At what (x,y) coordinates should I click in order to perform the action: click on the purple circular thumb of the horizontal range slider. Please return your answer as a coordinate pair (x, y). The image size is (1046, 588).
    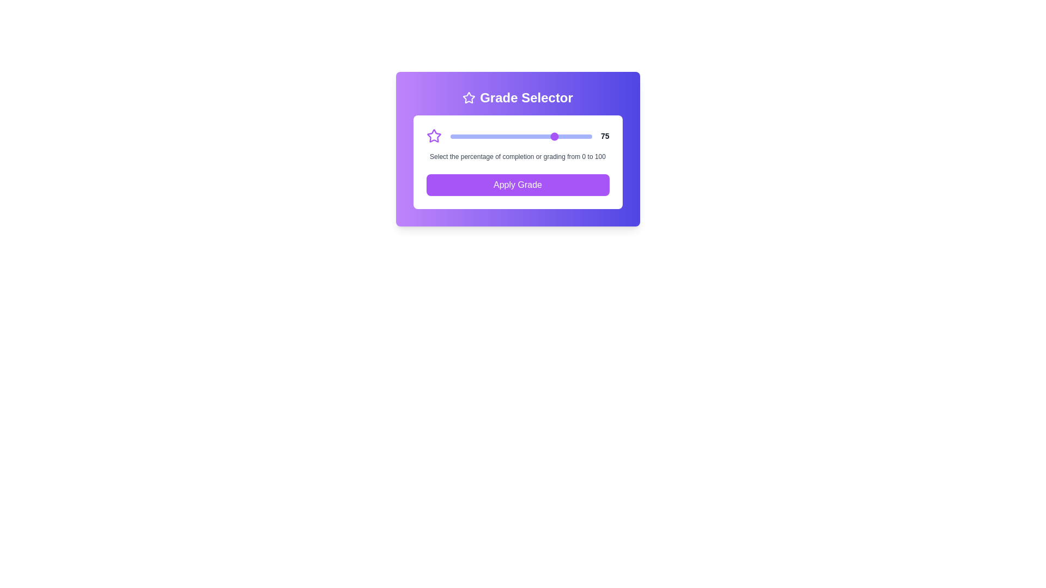
    Looking at the image, I should click on (520, 136).